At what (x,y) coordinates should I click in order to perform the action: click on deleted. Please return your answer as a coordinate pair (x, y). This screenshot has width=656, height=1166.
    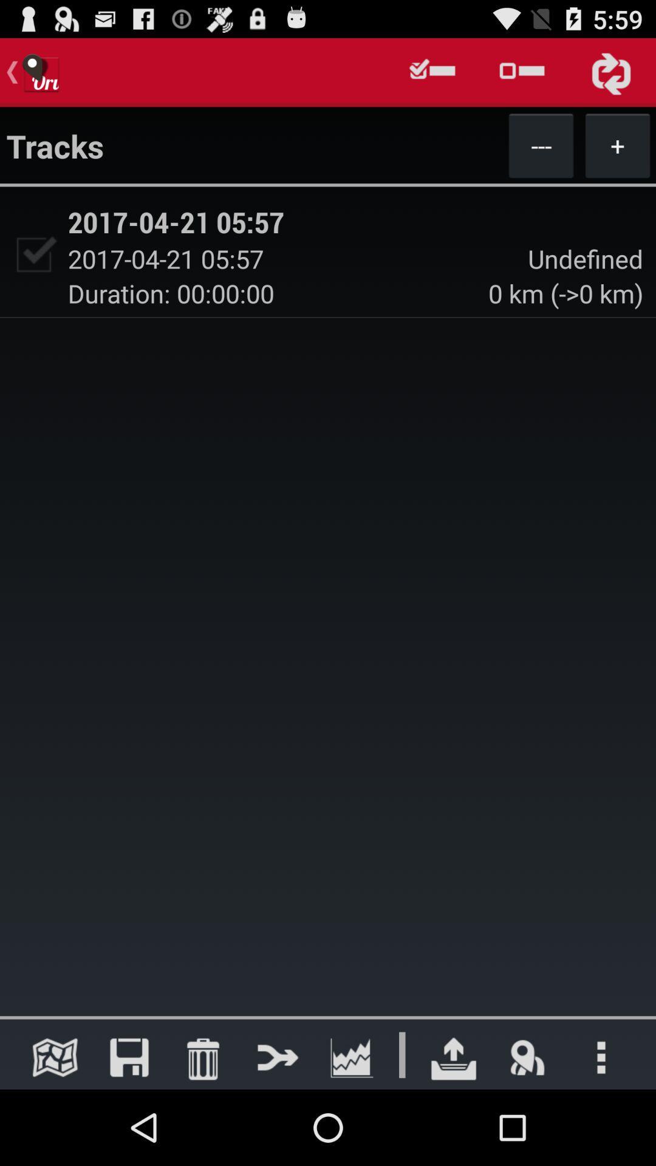
    Looking at the image, I should click on (202, 1057).